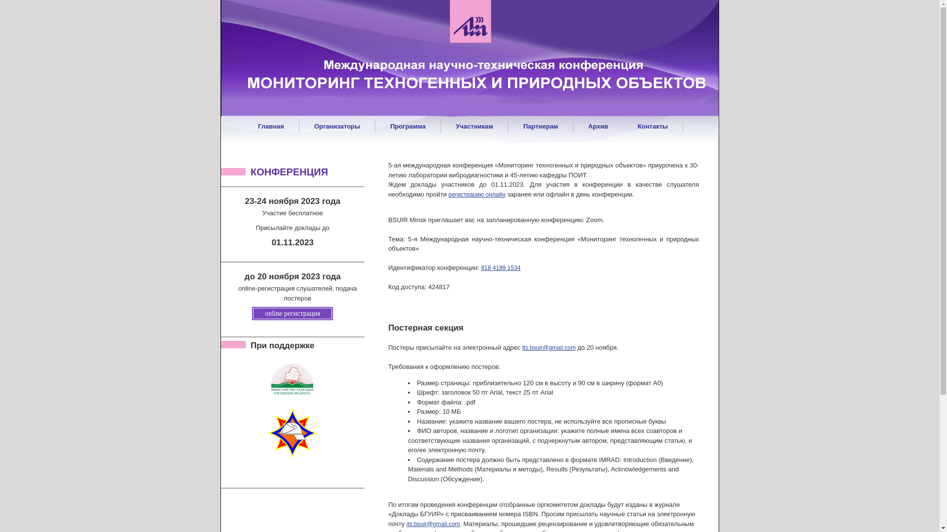 This screenshot has width=947, height=532. I want to click on '818 4189 1534', so click(500, 267).